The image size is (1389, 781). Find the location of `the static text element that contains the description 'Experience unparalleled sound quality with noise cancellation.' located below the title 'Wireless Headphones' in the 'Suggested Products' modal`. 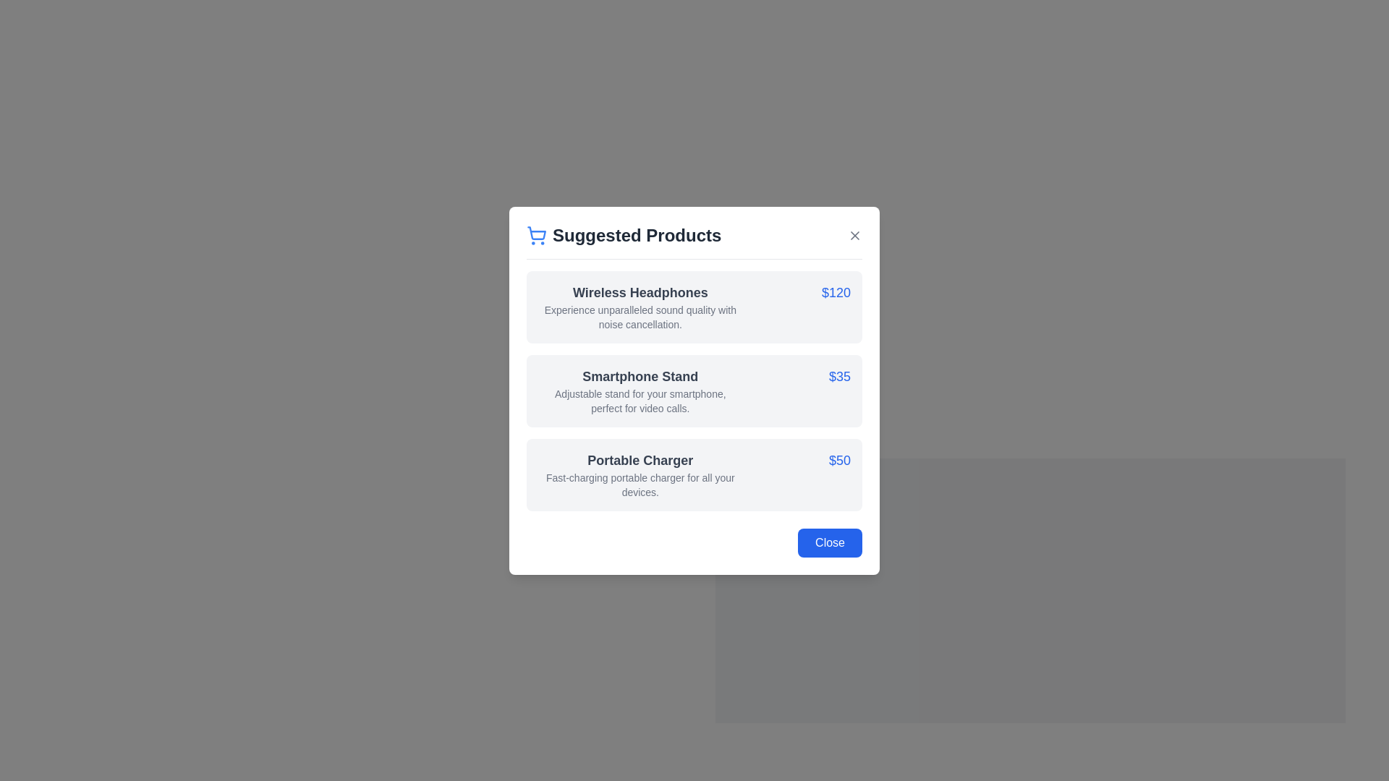

the static text element that contains the description 'Experience unparalleled sound quality with noise cancellation.' located below the title 'Wireless Headphones' in the 'Suggested Products' modal is located at coordinates (640, 316).